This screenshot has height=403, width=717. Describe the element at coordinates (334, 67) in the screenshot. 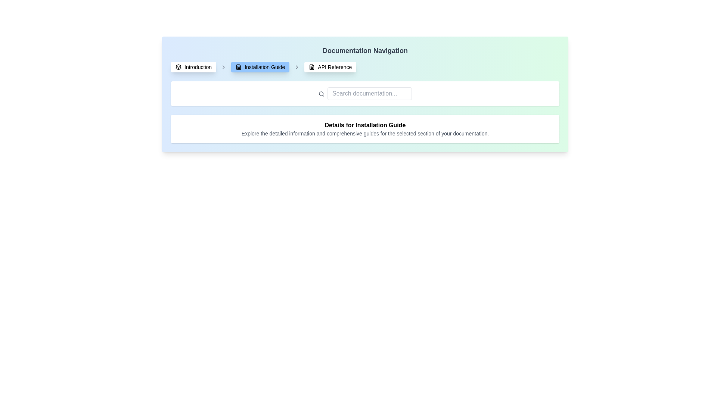

I see `the 'API Reference' text link in the breadcrumb navigation` at that location.